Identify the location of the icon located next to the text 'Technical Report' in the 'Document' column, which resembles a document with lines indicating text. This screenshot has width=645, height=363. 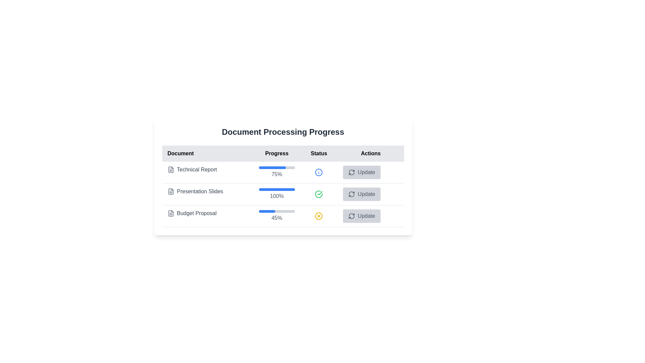
(171, 169).